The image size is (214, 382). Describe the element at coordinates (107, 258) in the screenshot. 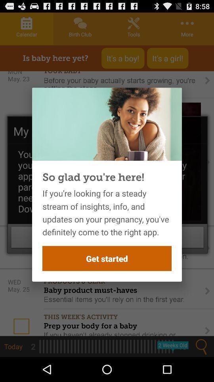

I see `icon below the if you re item` at that location.